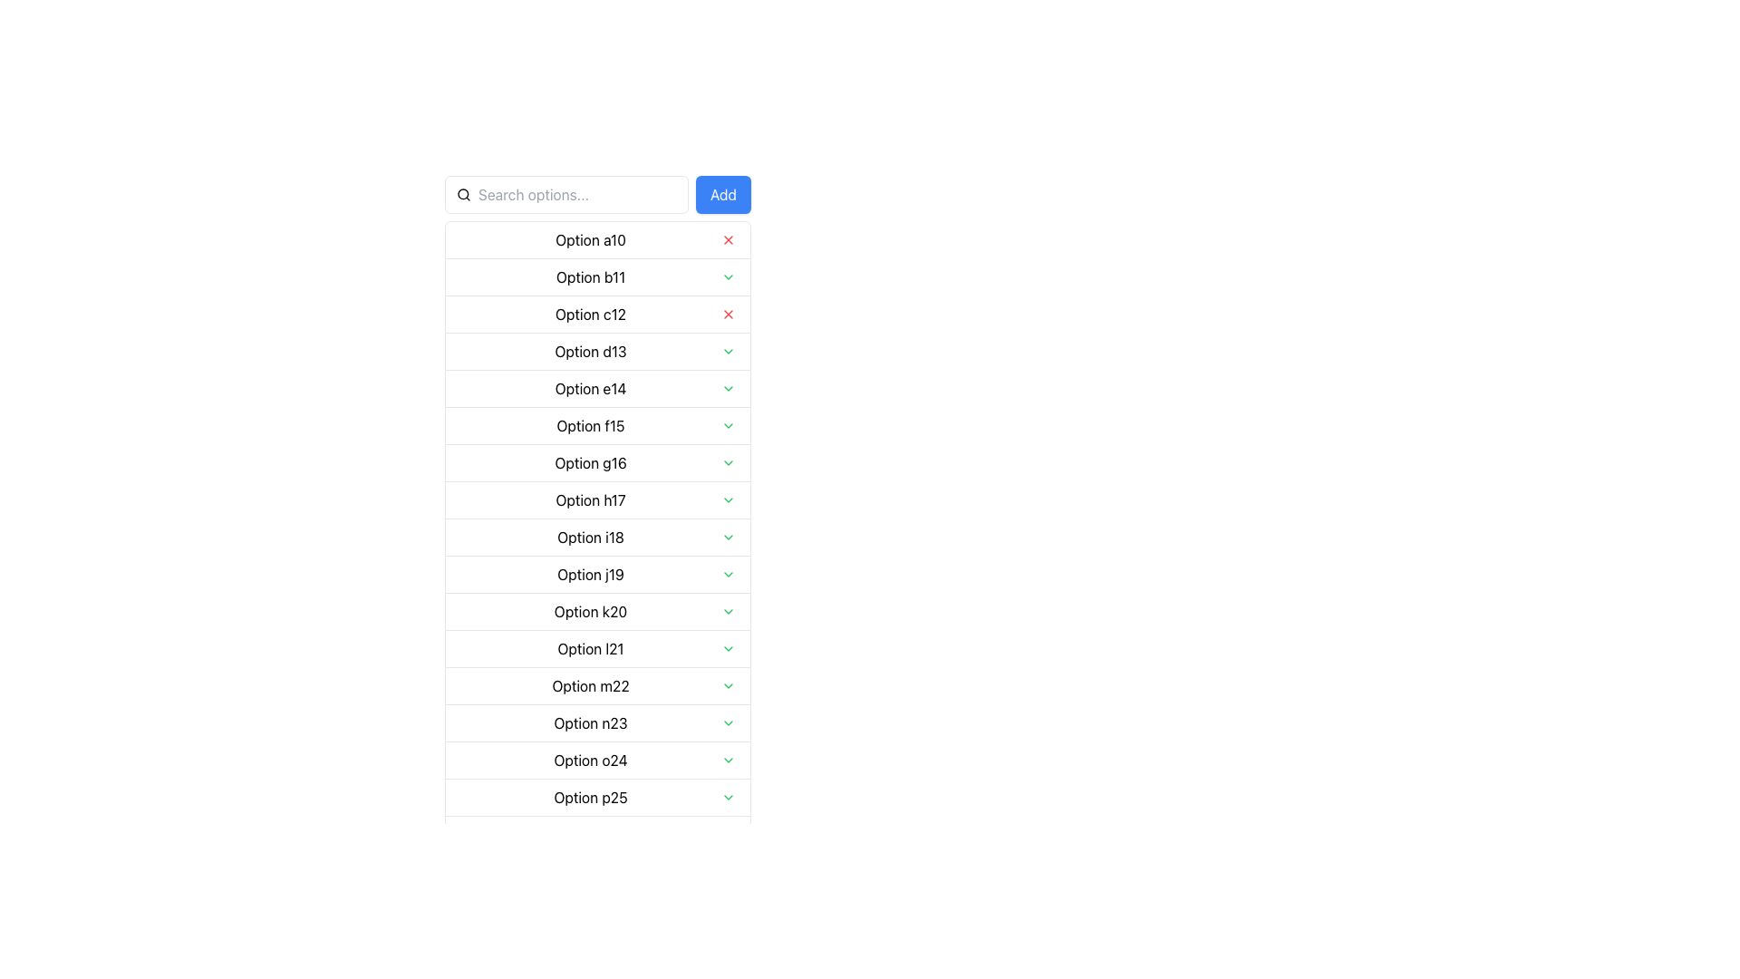 Image resolution: width=1740 pixels, height=979 pixels. Describe the element at coordinates (729, 537) in the screenshot. I see `the small downward-facing chevron icon styled in green located at the far right of the row labeled 'Option i18'` at that location.